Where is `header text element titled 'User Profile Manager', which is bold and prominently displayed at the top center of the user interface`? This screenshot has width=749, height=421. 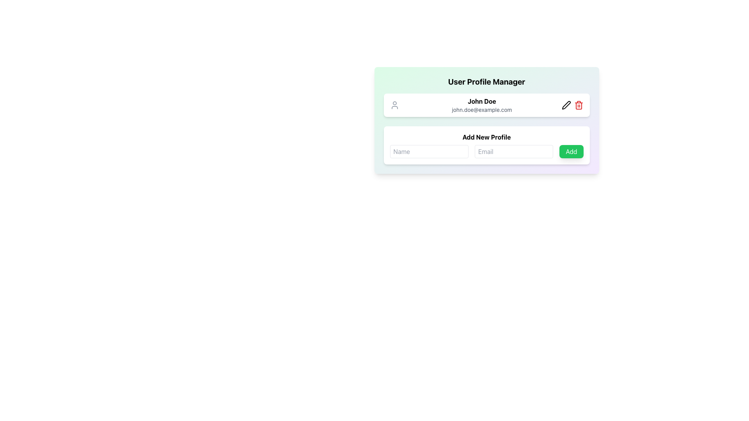
header text element titled 'User Profile Manager', which is bold and prominently displayed at the top center of the user interface is located at coordinates (486, 81).